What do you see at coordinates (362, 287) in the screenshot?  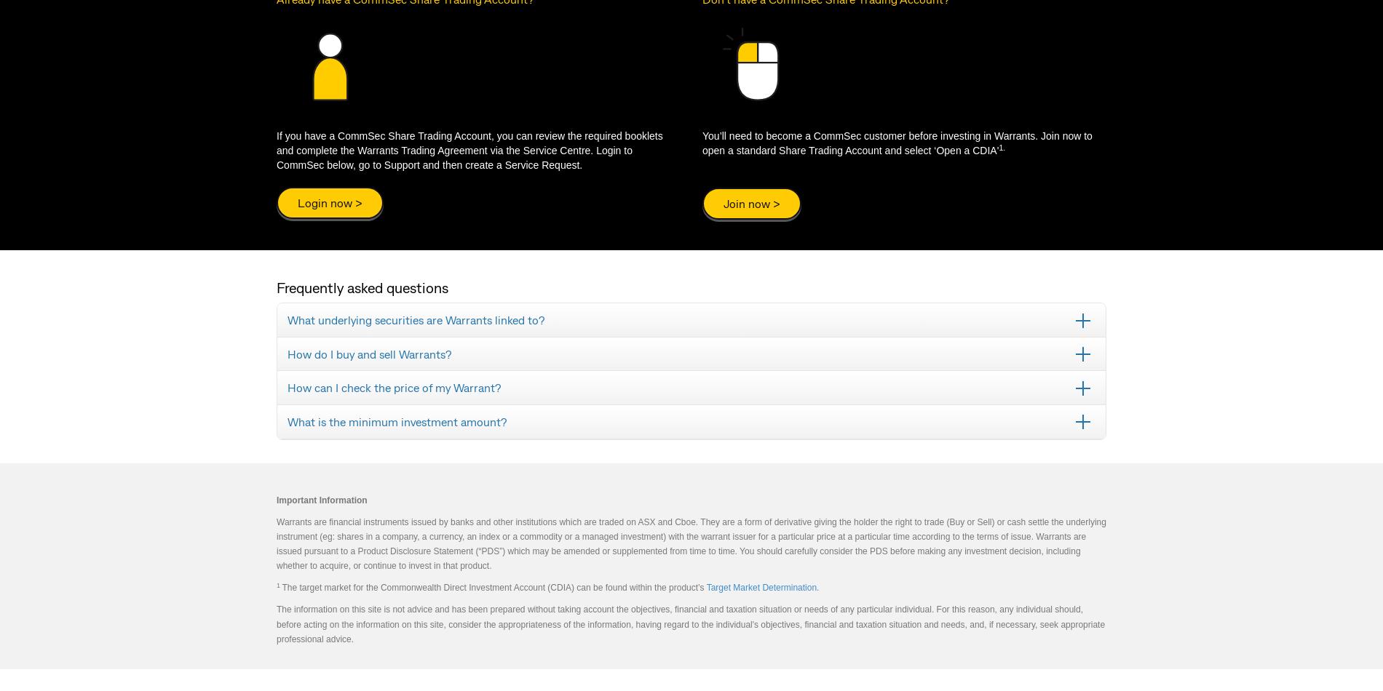 I see `'Frequently asked questions'` at bounding box center [362, 287].